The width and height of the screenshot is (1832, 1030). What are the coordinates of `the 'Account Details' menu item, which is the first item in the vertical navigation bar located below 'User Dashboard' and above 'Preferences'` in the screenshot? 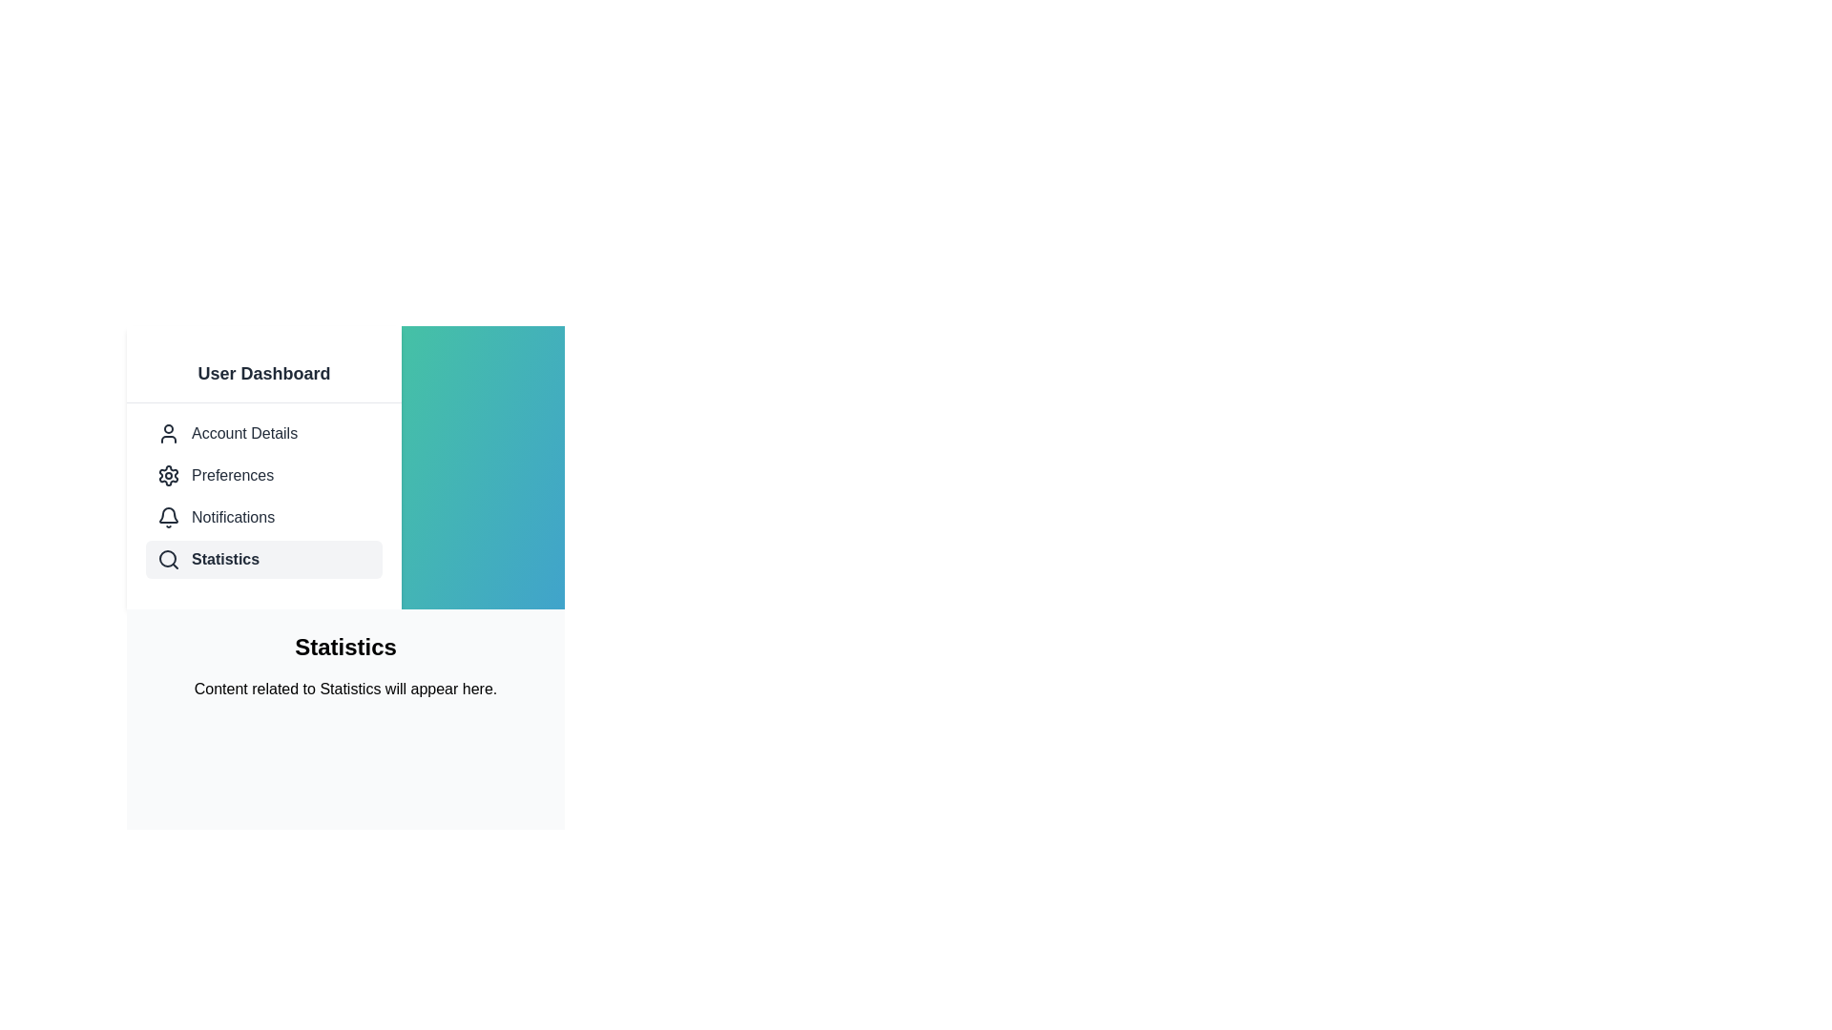 It's located at (263, 434).